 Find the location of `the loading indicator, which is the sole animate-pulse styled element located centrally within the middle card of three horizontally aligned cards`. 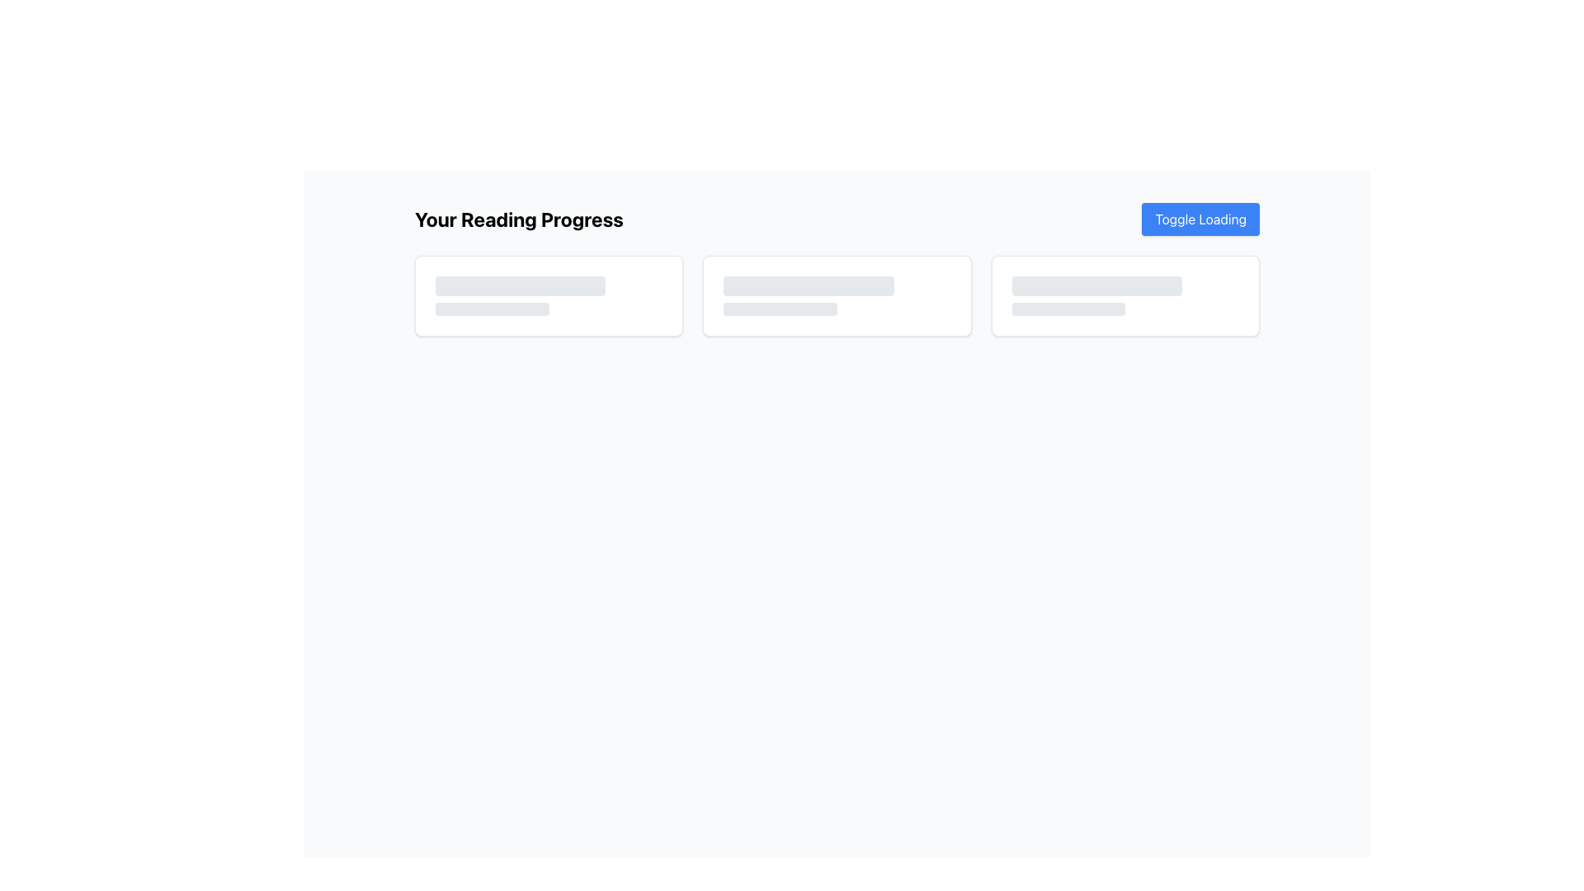

the loading indicator, which is the sole animate-pulse styled element located centrally within the middle card of three horizontally aligned cards is located at coordinates (837, 295).